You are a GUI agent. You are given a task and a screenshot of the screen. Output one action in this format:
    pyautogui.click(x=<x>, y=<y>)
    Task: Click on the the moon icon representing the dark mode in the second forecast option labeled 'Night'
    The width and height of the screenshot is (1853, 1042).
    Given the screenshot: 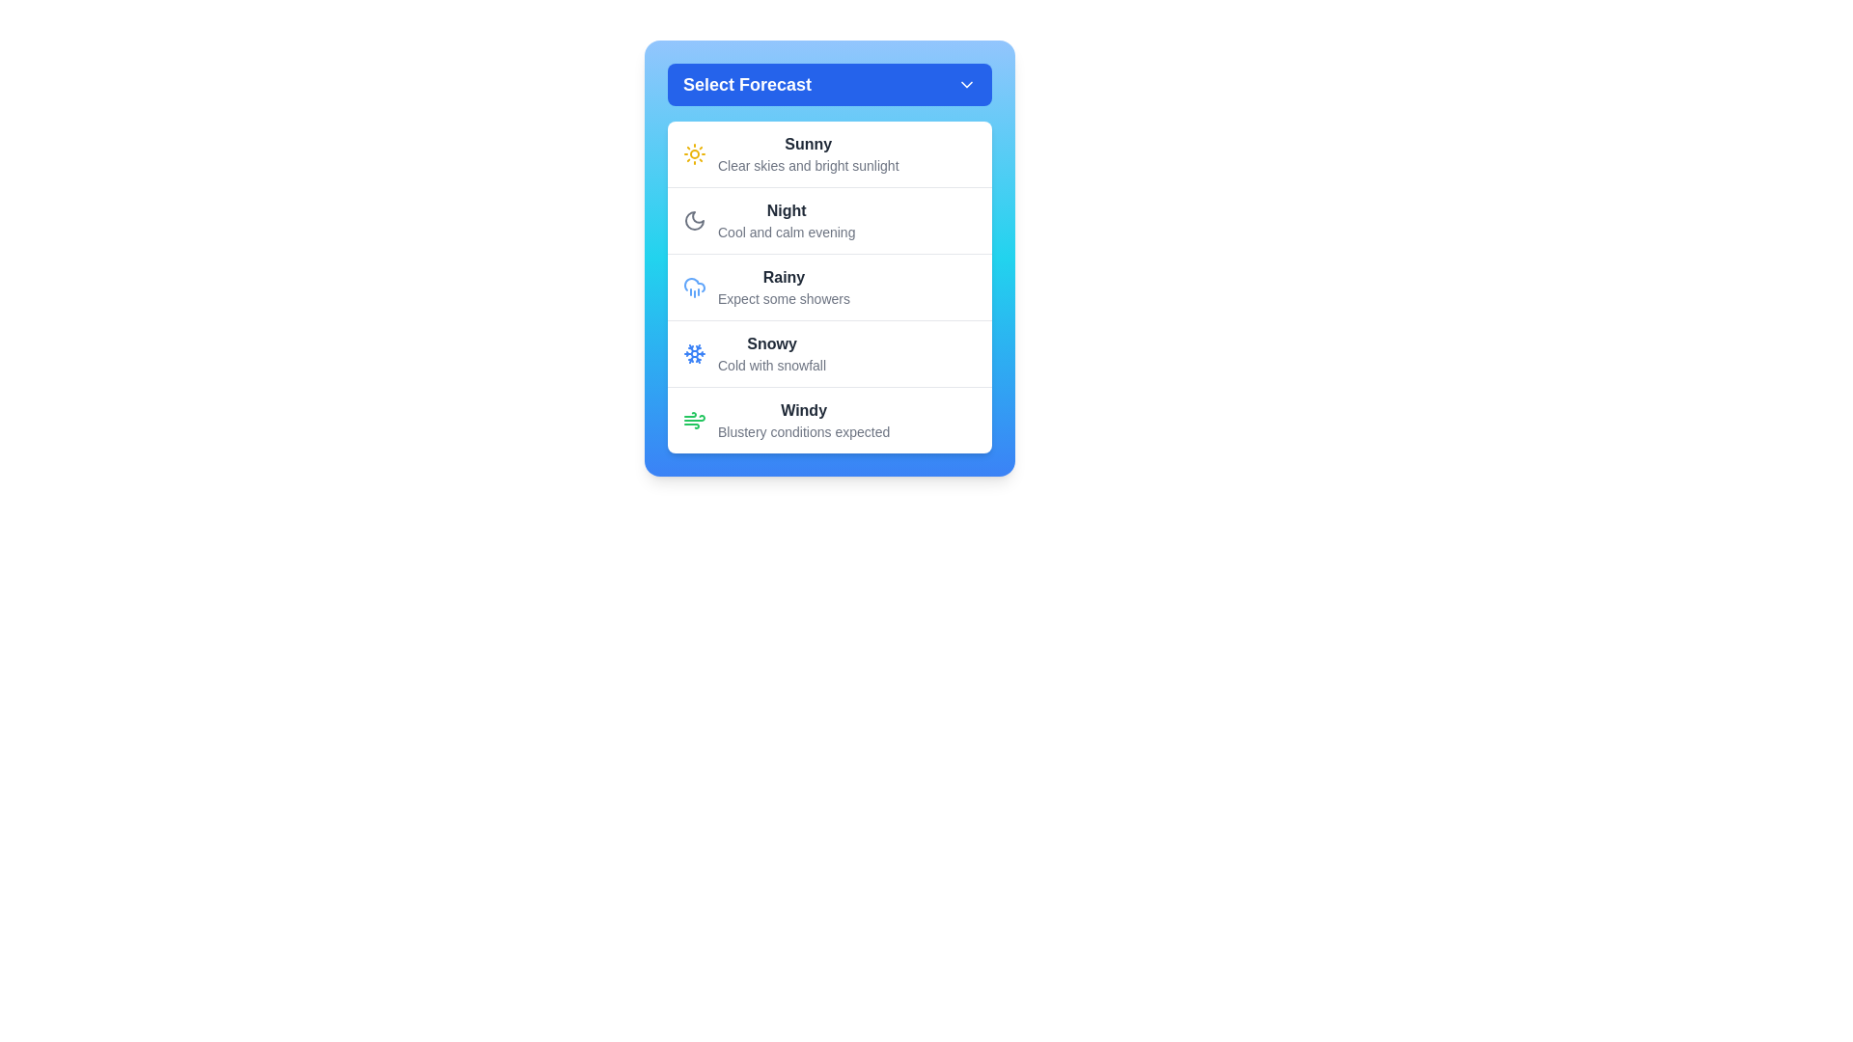 What is the action you would take?
    pyautogui.click(x=695, y=219)
    